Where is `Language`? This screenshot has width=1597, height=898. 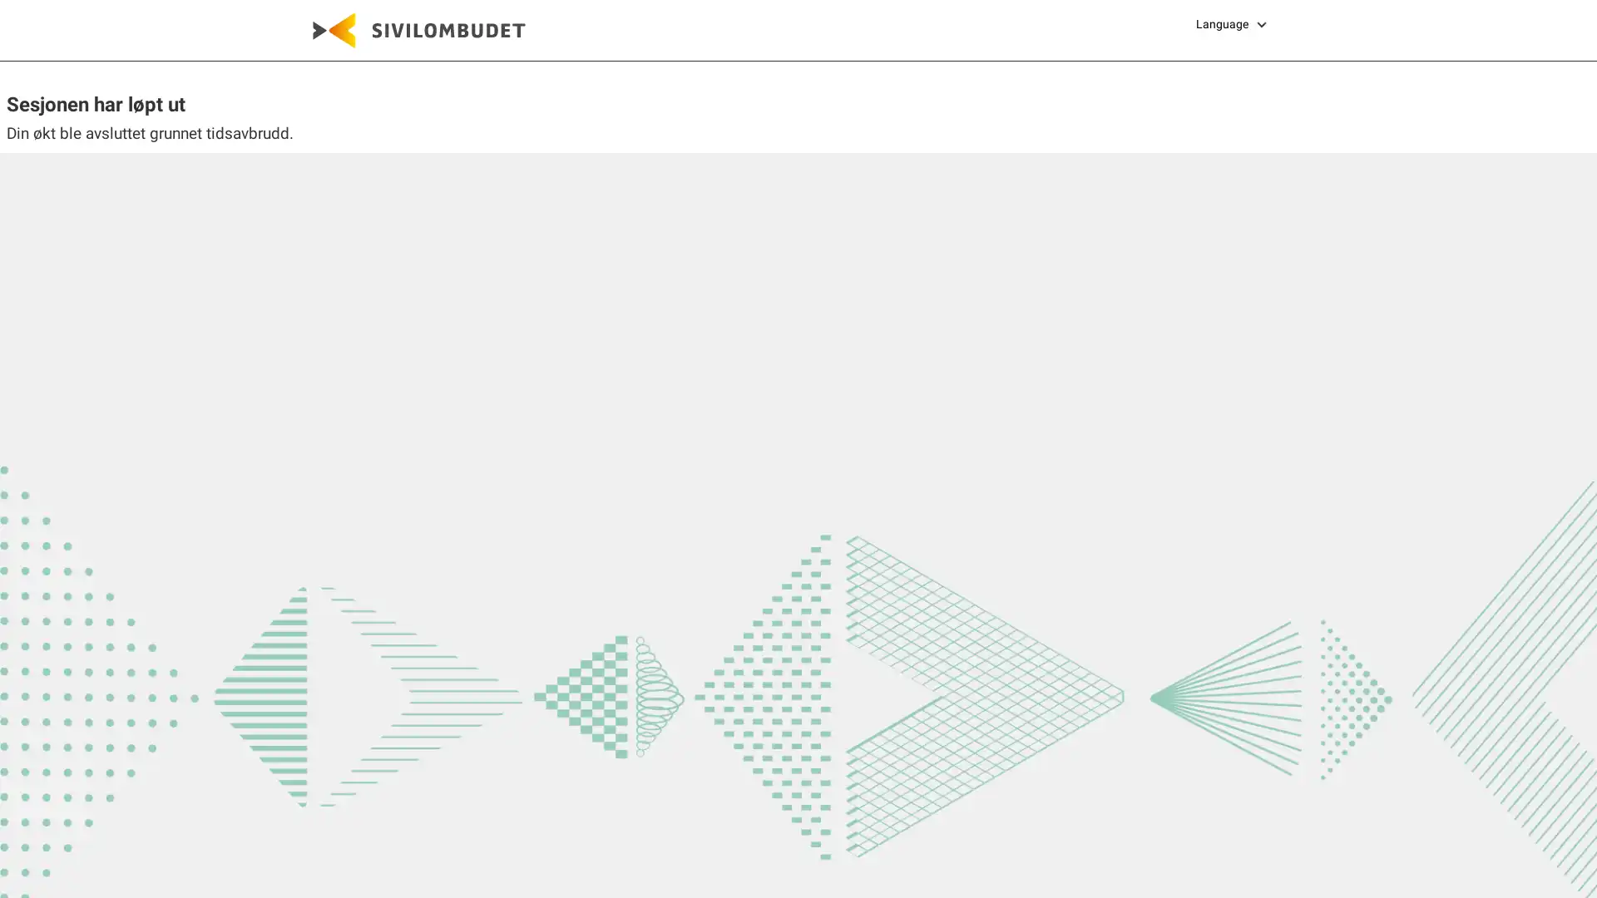 Language is located at coordinates (1234, 24).